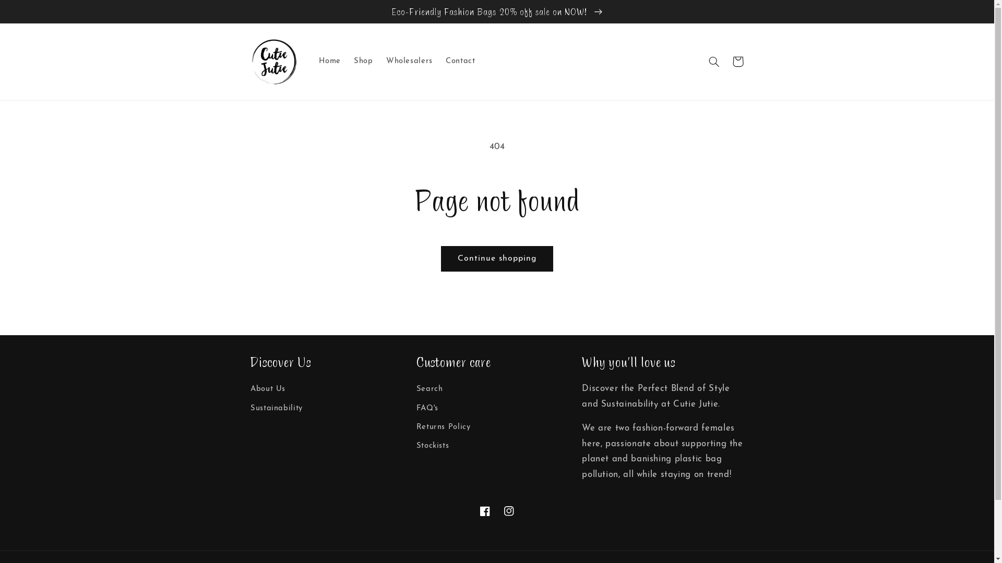 The width and height of the screenshot is (1002, 563). Describe the element at coordinates (408, 62) in the screenshot. I see `'Wholesalers'` at that location.